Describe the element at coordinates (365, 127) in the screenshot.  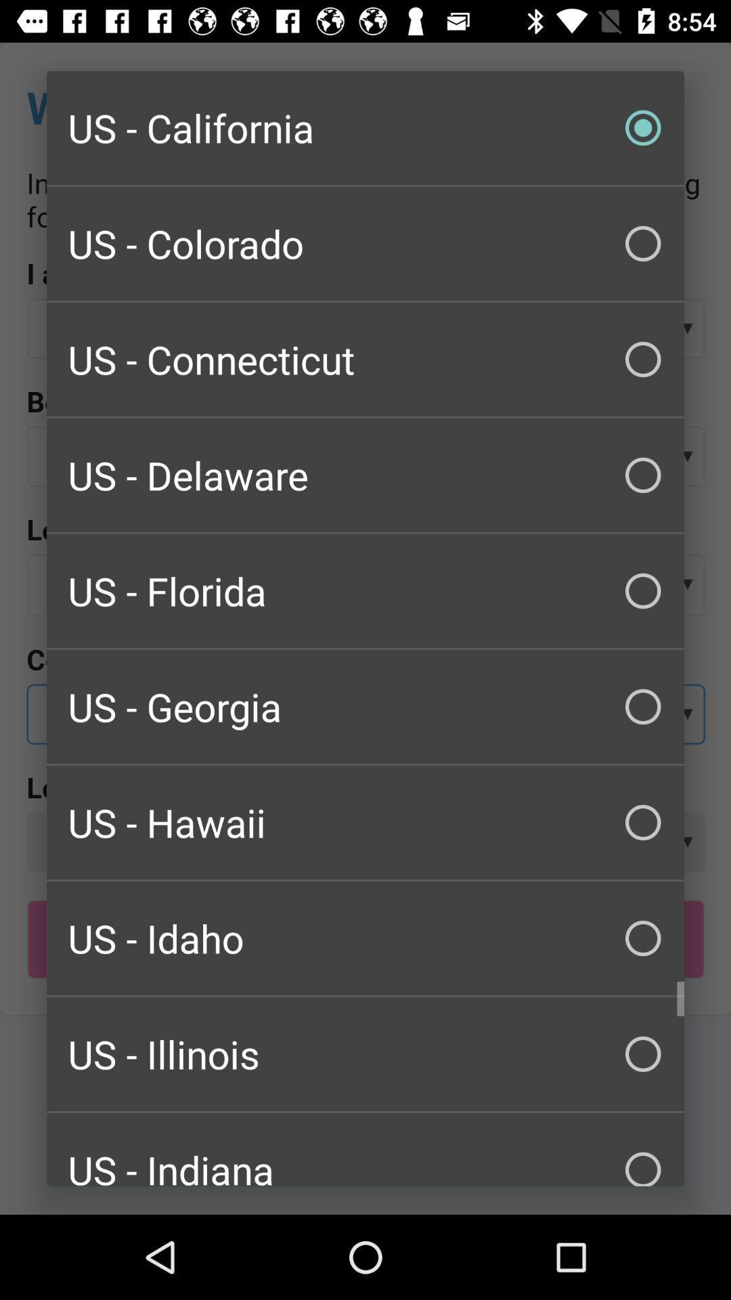
I see `us - california checkbox` at that location.